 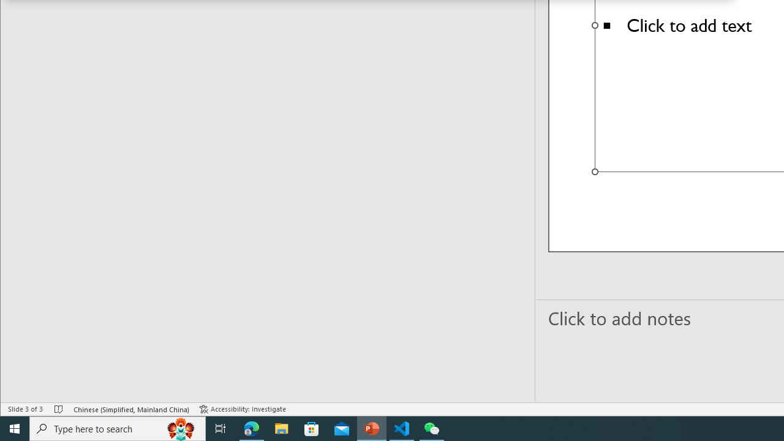 I want to click on 'File Explorer', so click(x=281, y=428).